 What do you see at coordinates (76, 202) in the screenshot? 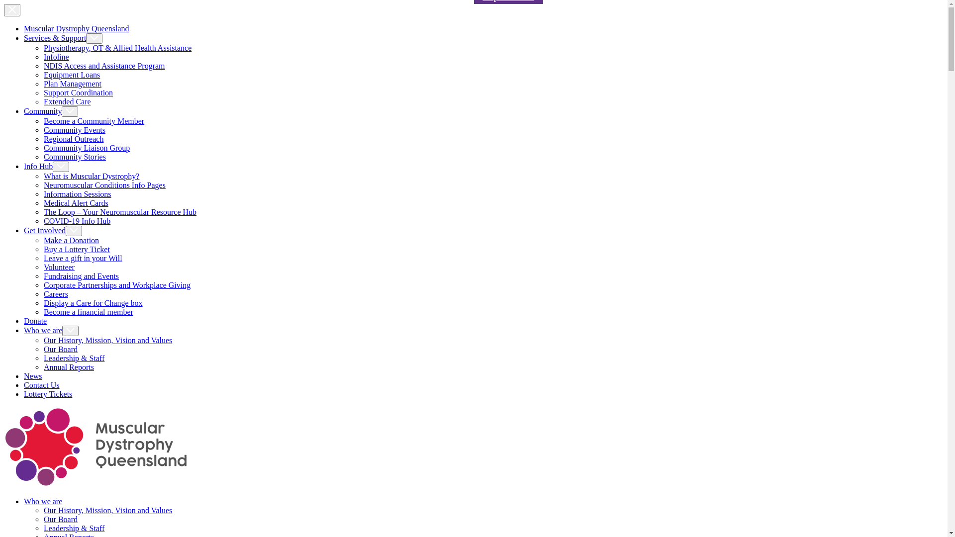
I see `'Medical Alert Cards'` at bounding box center [76, 202].